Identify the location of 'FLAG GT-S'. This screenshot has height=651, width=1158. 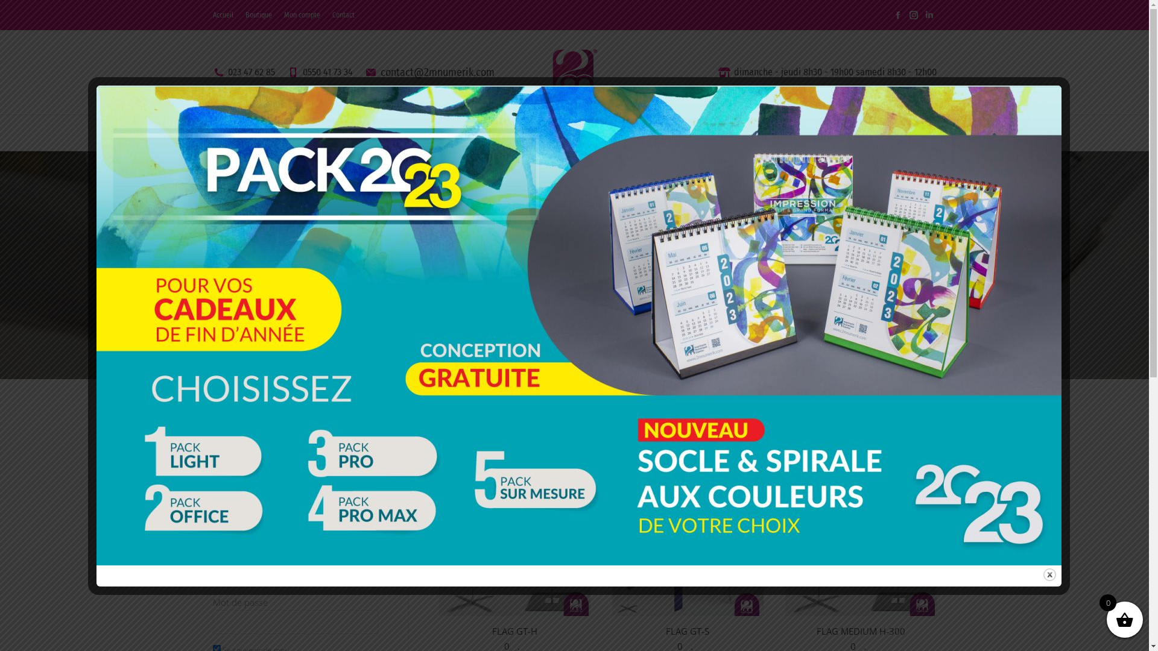
(688, 630).